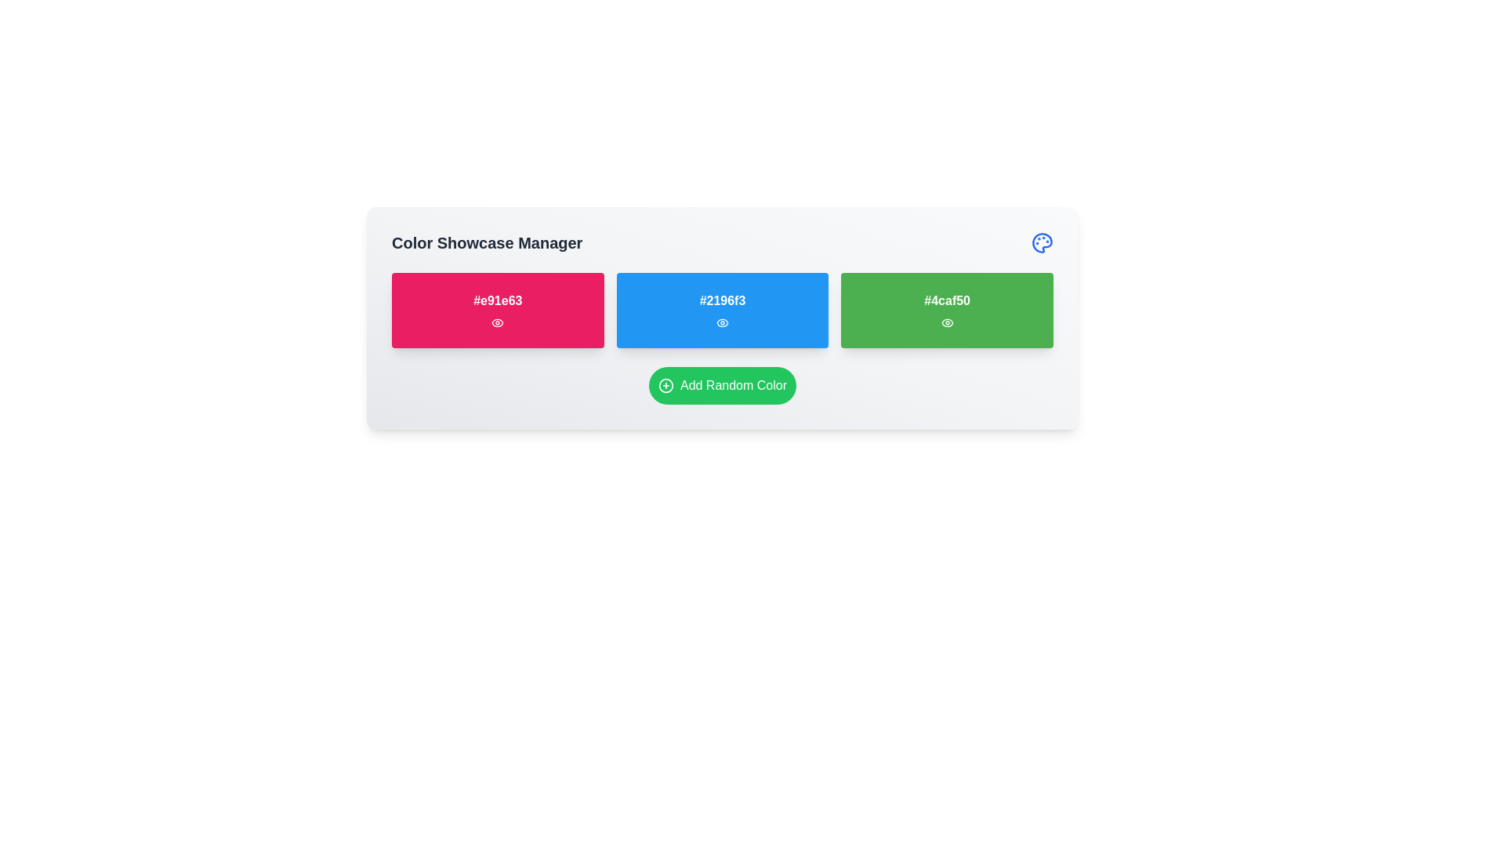 The image size is (1505, 847). I want to click on the visibility toggle graphical icon resembling an eye shape, which is centered within the first pink card labeled '#e91e63' under the 'Color Showcase Manager' title, so click(496, 322).